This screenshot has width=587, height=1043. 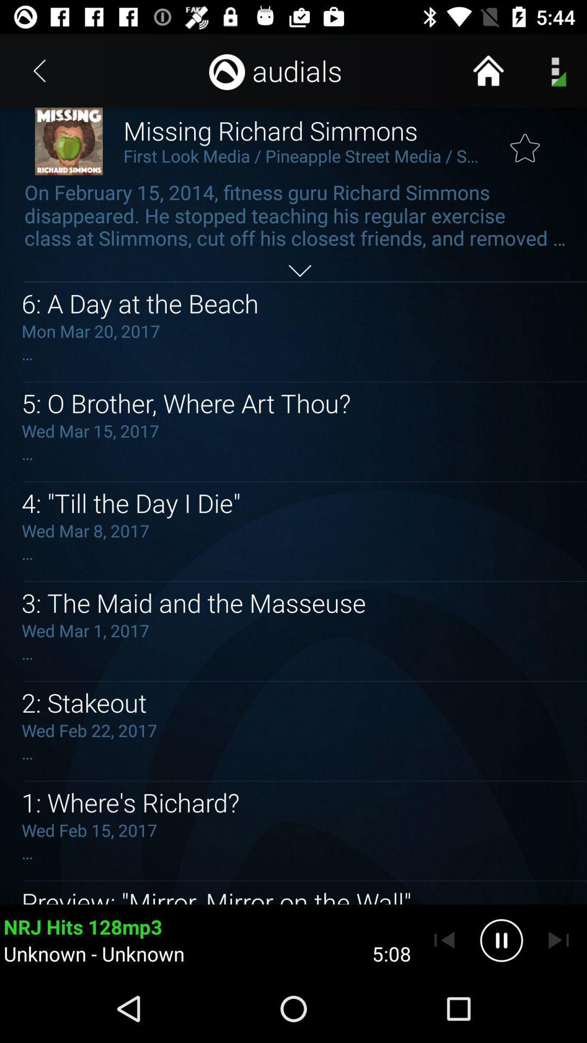 What do you see at coordinates (39, 70) in the screenshot?
I see `item next to the missing richard simmons item` at bounding box center [39, 70].